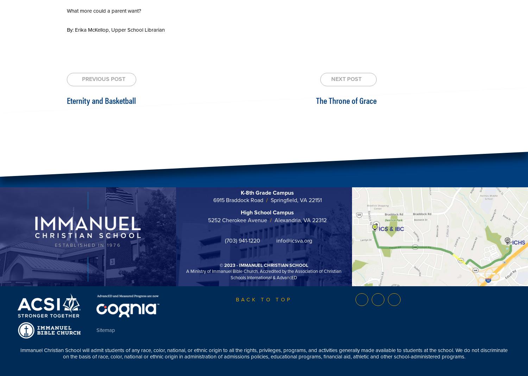 The image size is (528, 376). I want to click on 'The Throne of Grace', so click(345, 99).